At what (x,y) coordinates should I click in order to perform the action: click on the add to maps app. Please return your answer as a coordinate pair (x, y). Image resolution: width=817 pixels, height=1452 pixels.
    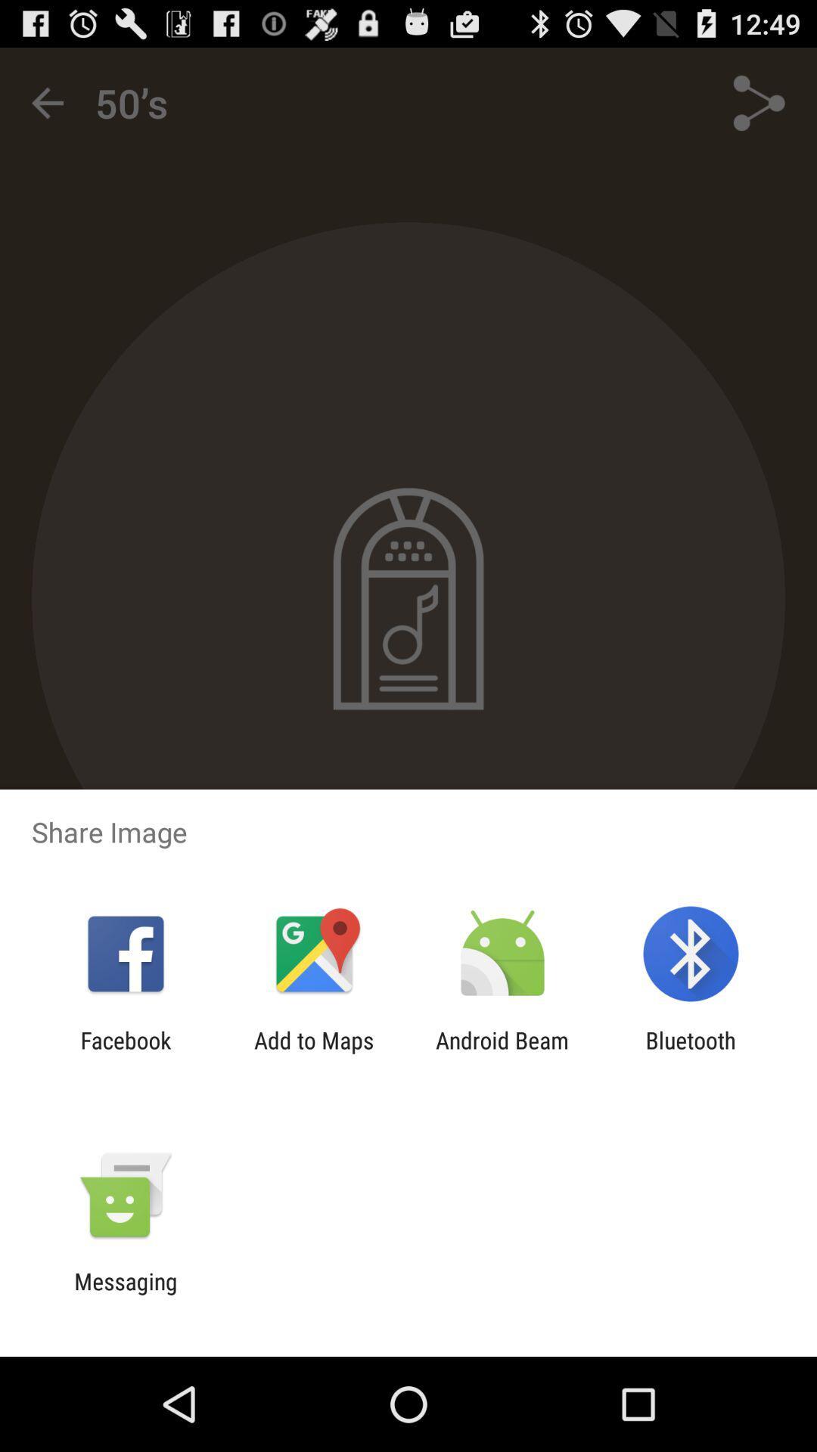
    Looking at the image, I should click on (313, 1053).